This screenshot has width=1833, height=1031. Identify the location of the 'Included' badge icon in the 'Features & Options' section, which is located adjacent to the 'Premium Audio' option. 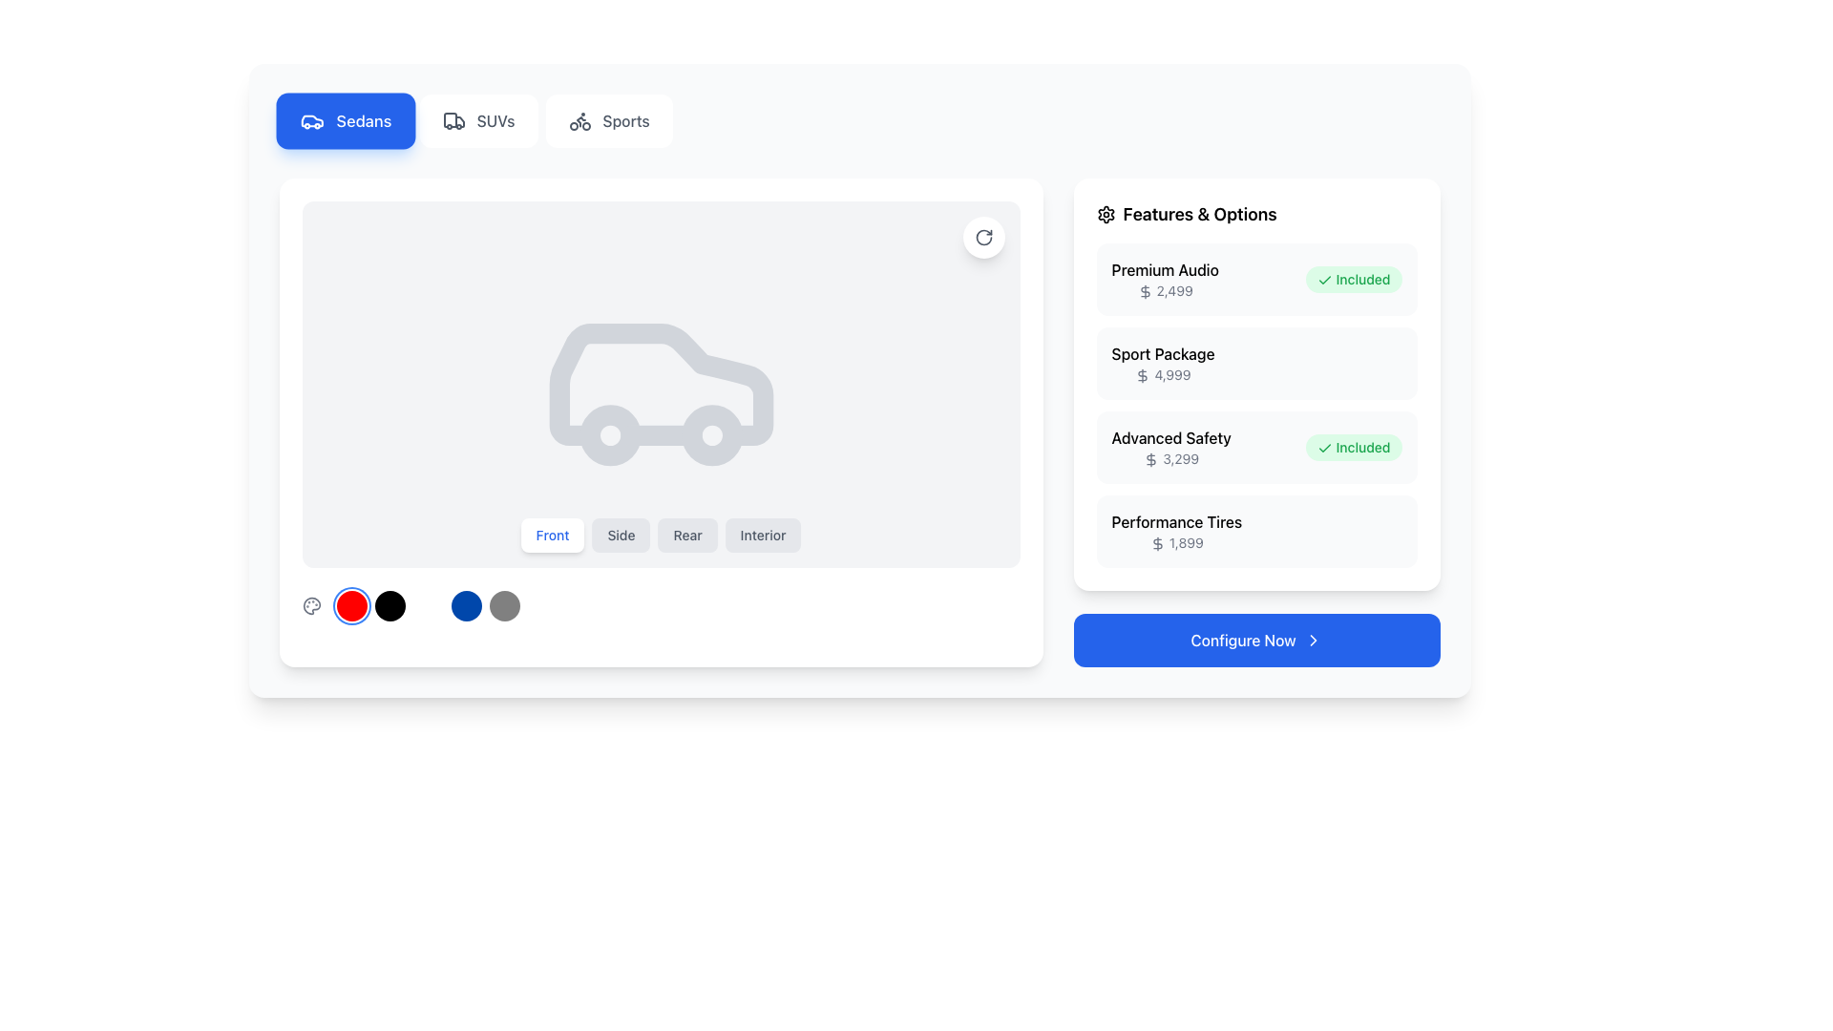
(1323, 281).